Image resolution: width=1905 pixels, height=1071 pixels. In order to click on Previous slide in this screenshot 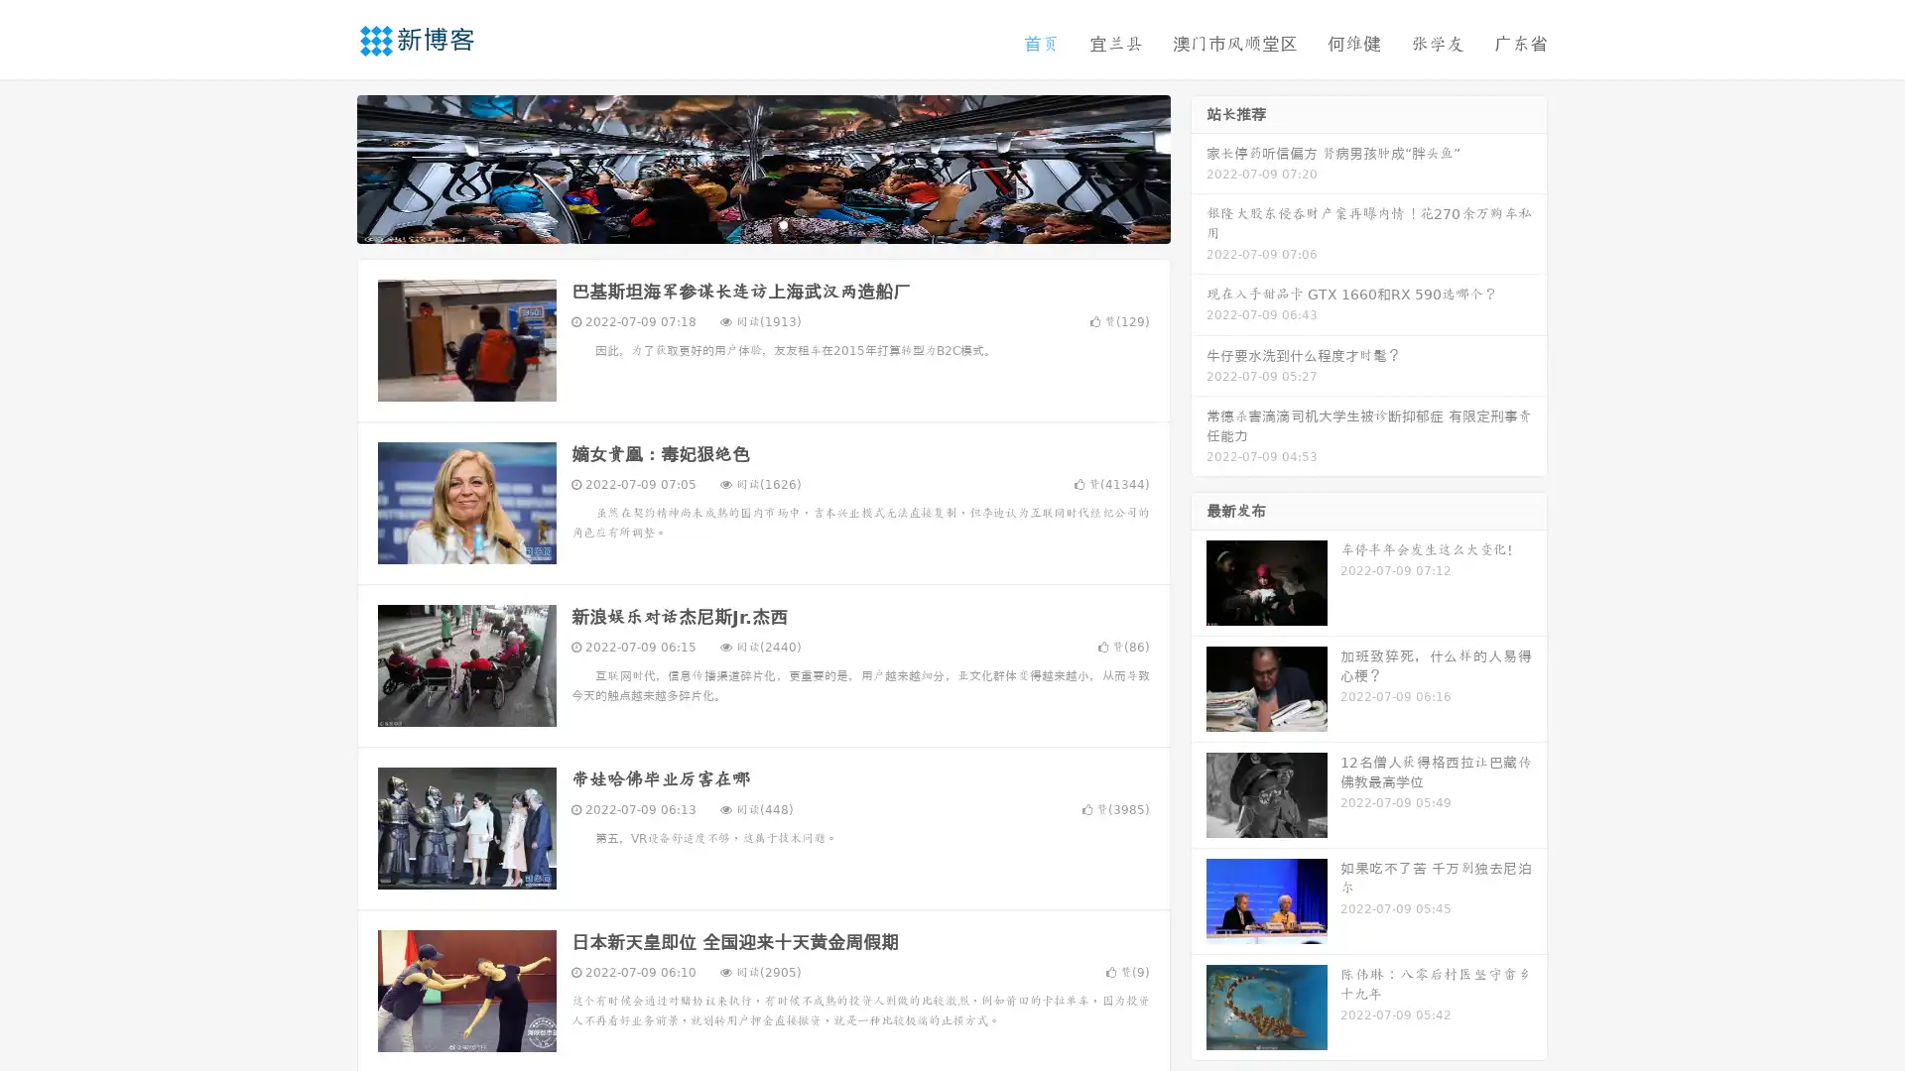, I will do `click(327, 167)`.